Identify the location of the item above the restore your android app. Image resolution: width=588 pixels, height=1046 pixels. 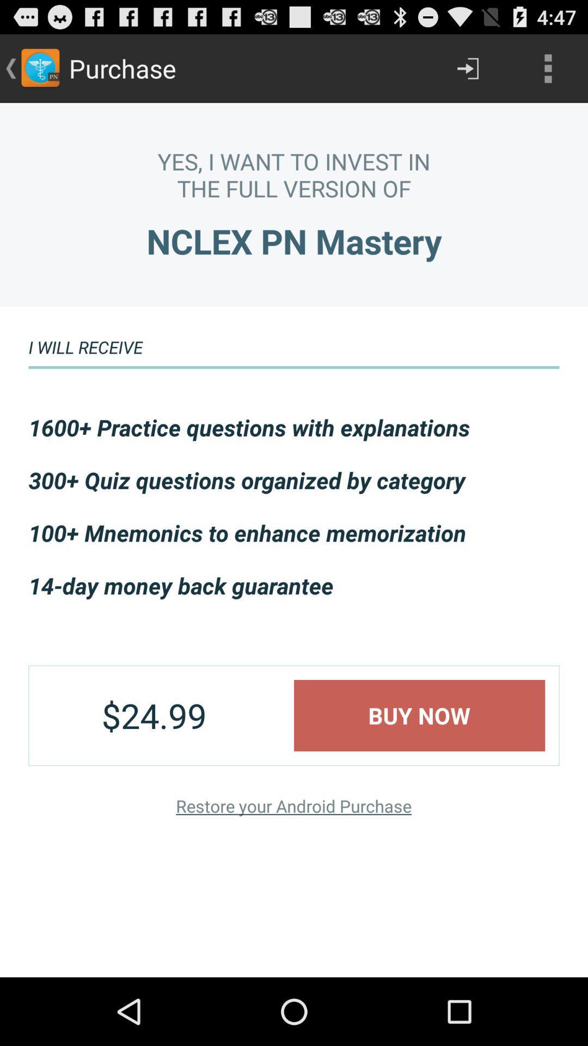
(419, 715).